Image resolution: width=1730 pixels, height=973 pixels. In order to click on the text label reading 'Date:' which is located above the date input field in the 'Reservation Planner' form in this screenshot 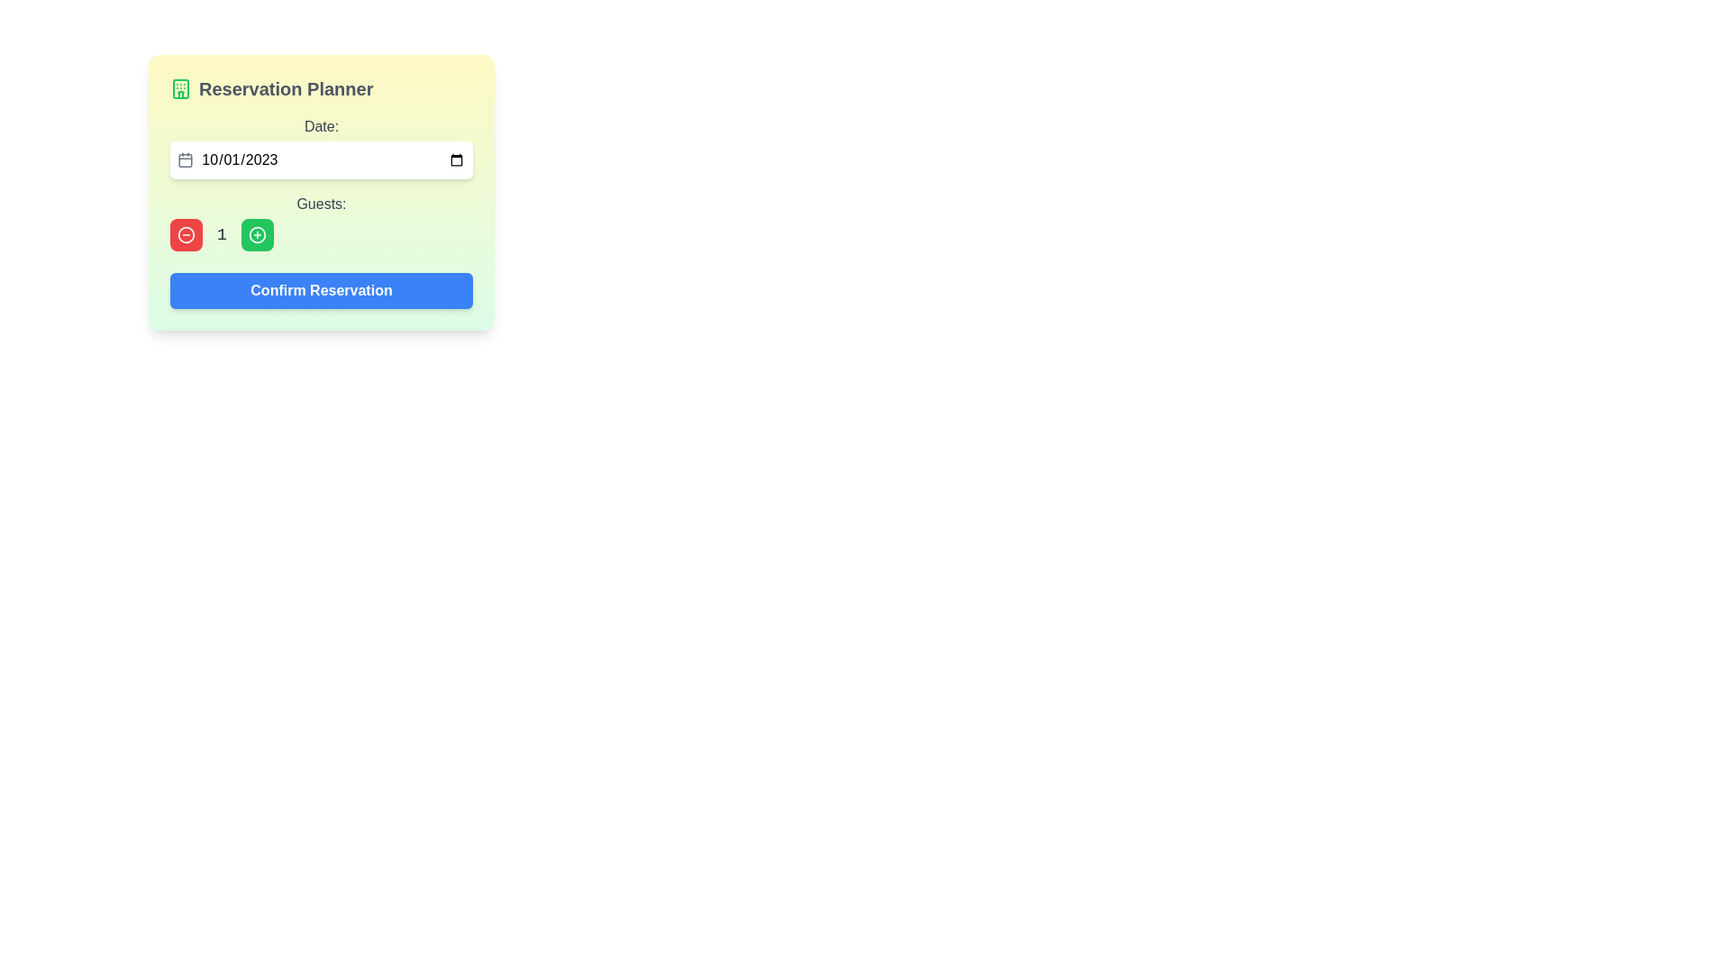, I will do `click(321, 126)`.